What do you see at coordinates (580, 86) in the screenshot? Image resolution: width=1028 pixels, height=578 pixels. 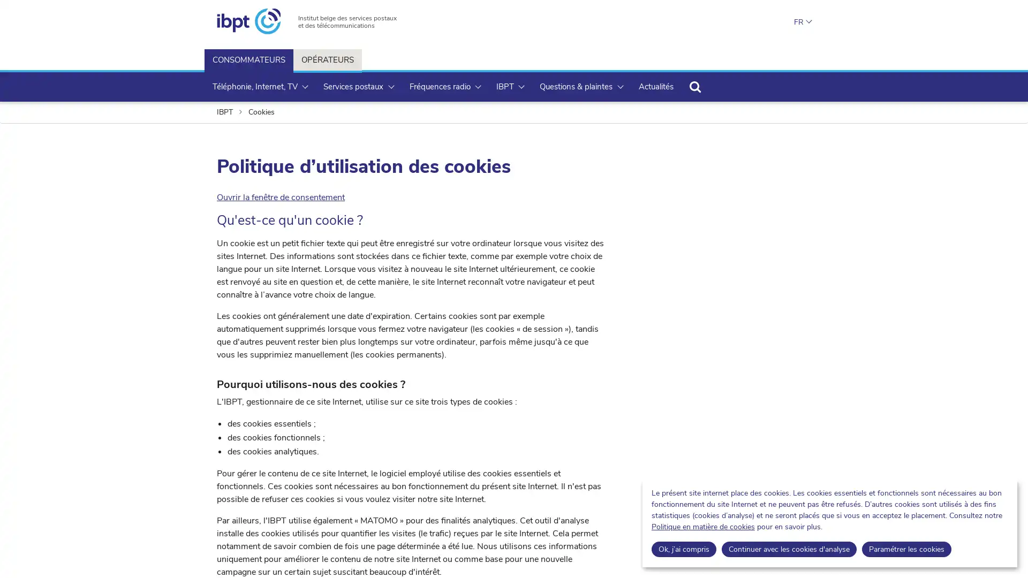 I see `Questions & plaintes` at bounding box center [580, 86].